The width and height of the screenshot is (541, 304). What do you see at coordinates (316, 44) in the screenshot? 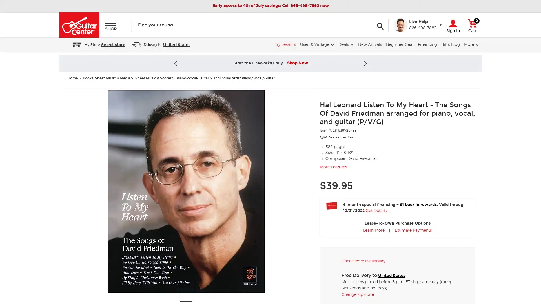
I see `Used & Vintage` at bounding box center [316, 44].